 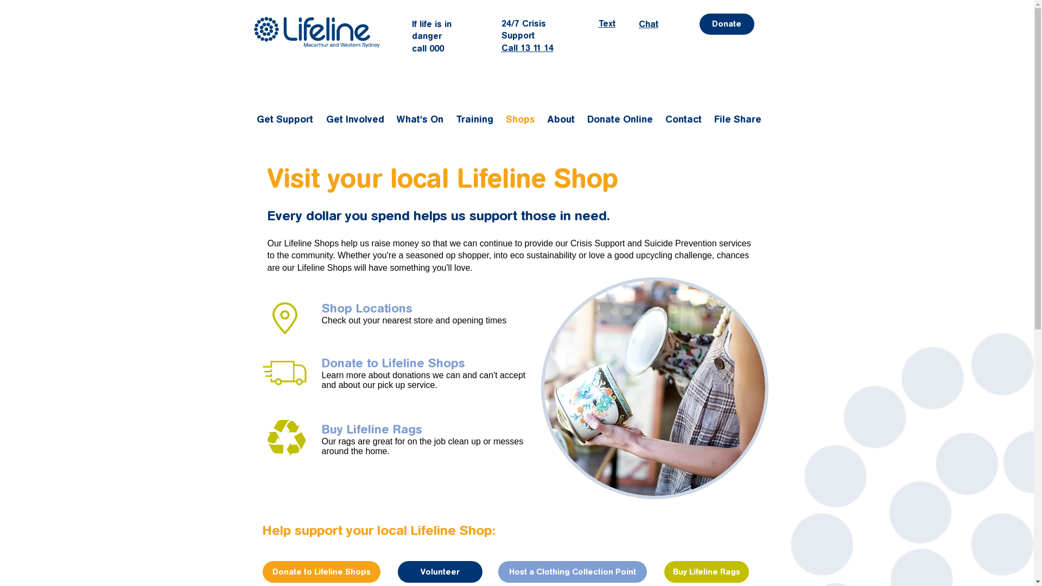 What do you see at coordinates (475, 119) in the screenshot?
I see `'Training'` at bounding box center [475, 119].